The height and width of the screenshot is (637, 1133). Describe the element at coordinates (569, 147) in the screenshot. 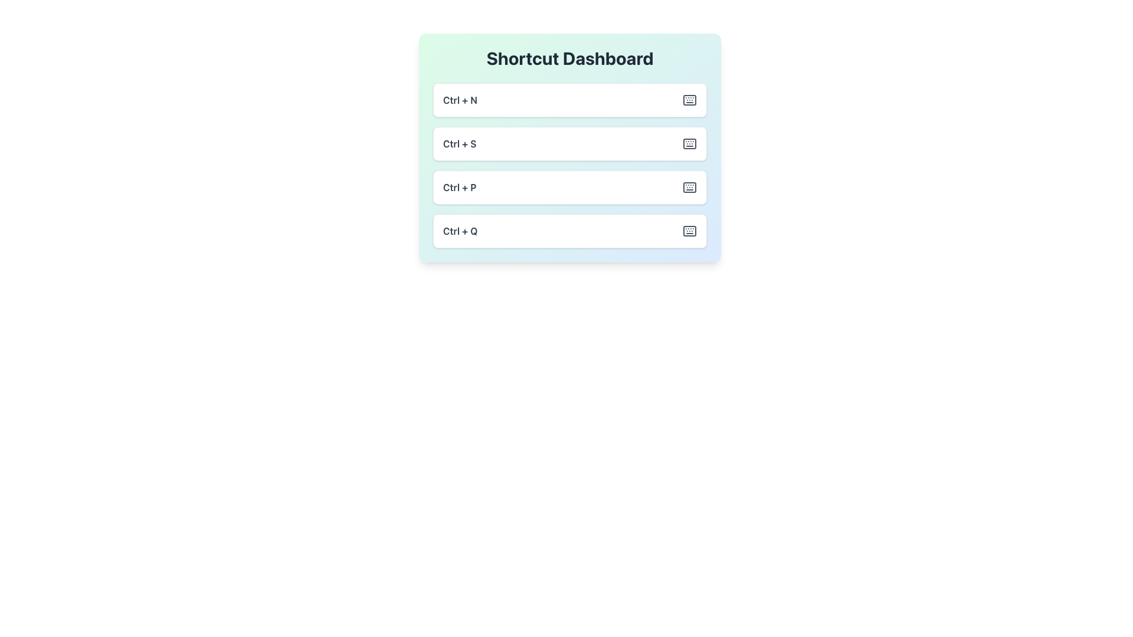

I see `the 'Ctrl + S' button, which is the second button in a vertical list layout, prominently displayed in bold dark gray font on a white background` at that location.